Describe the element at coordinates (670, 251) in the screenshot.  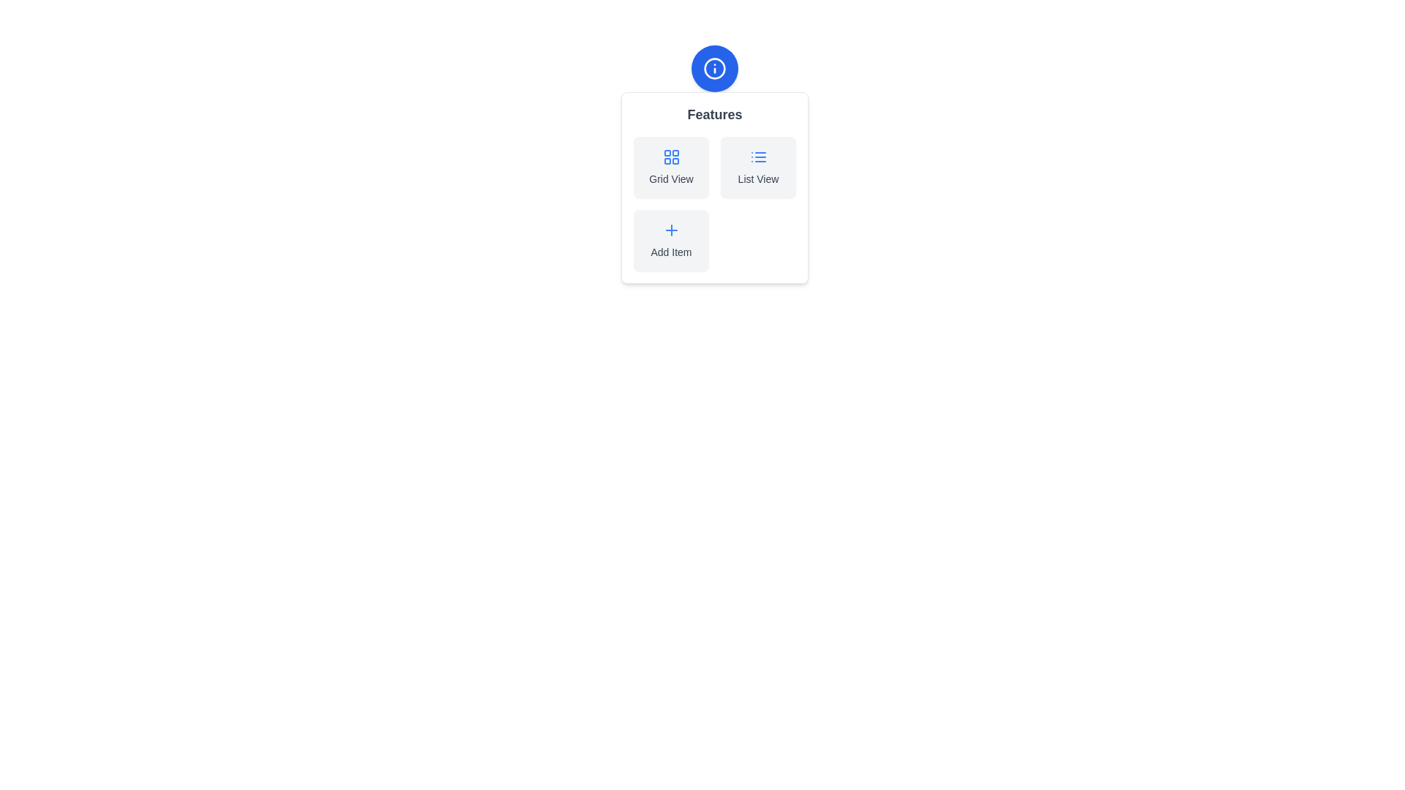
I see `the 'Add Item' text label, which is displayed in a smaller gray font below the blue '+' icon, centrally aligned within its card-like button component` at that location.